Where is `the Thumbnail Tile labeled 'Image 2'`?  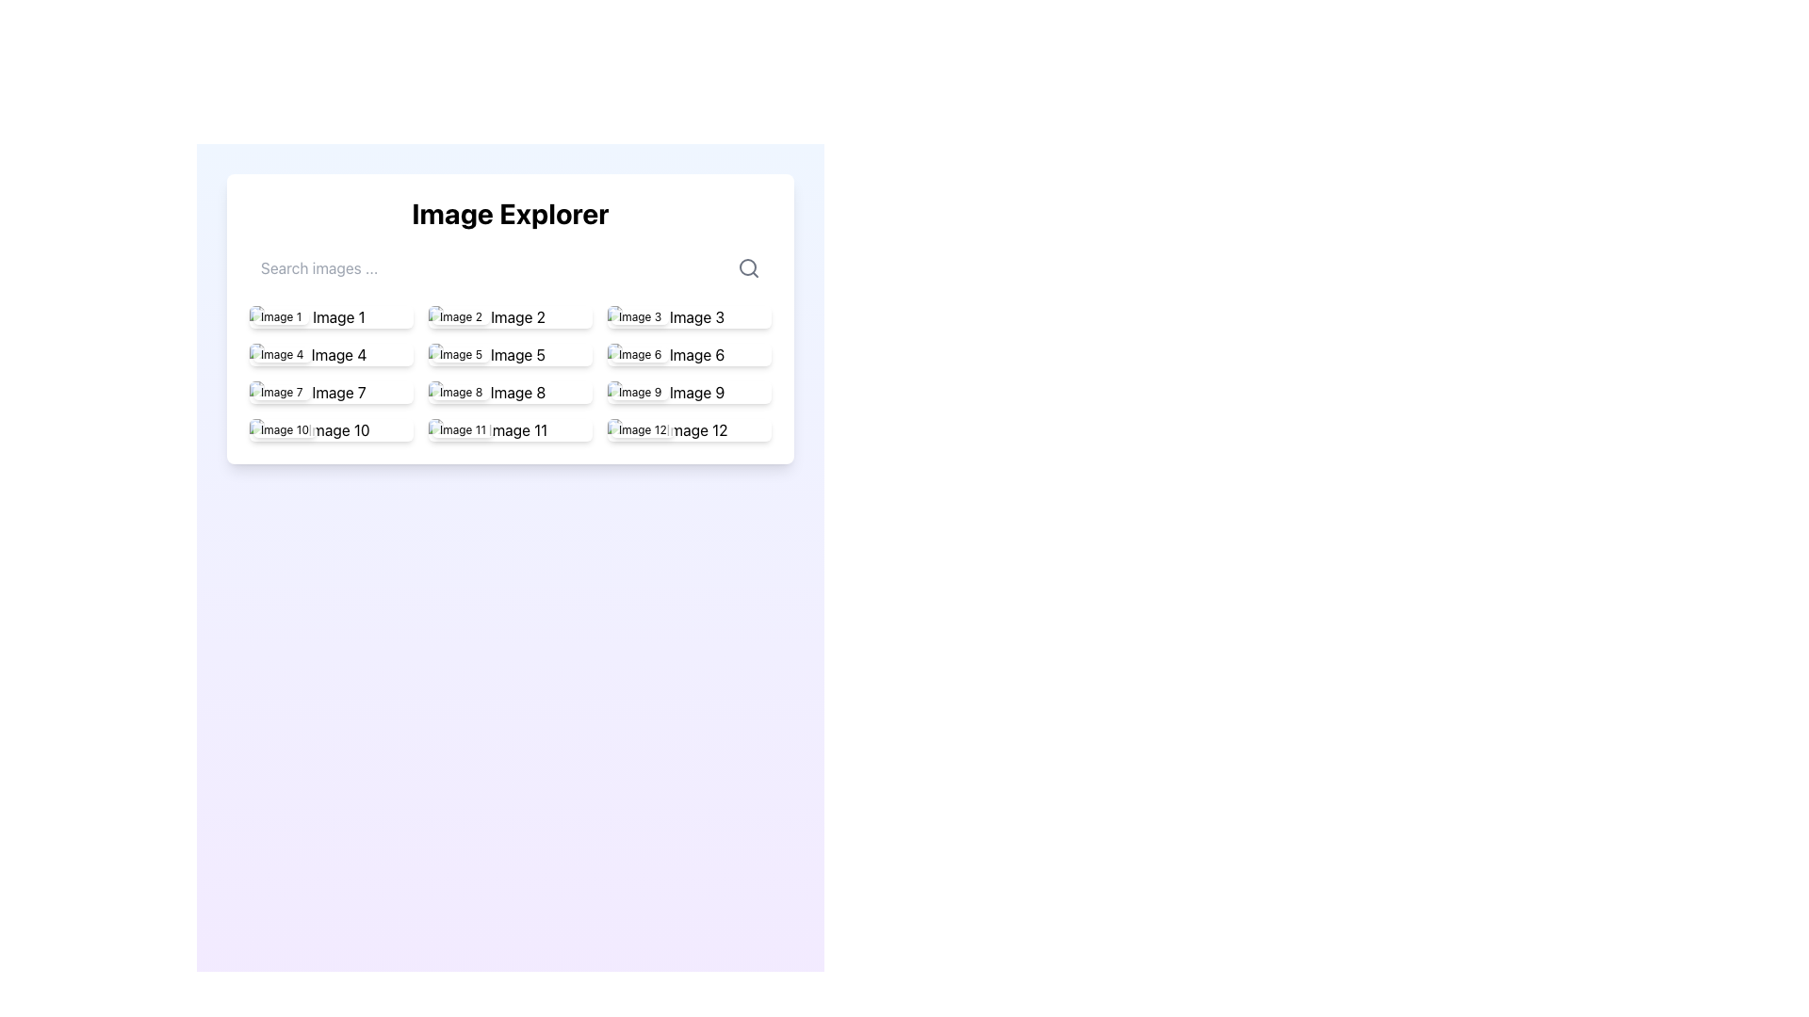
the Thumbnail Tile labeled 'Image 2' is located at coordinates (511, 315).